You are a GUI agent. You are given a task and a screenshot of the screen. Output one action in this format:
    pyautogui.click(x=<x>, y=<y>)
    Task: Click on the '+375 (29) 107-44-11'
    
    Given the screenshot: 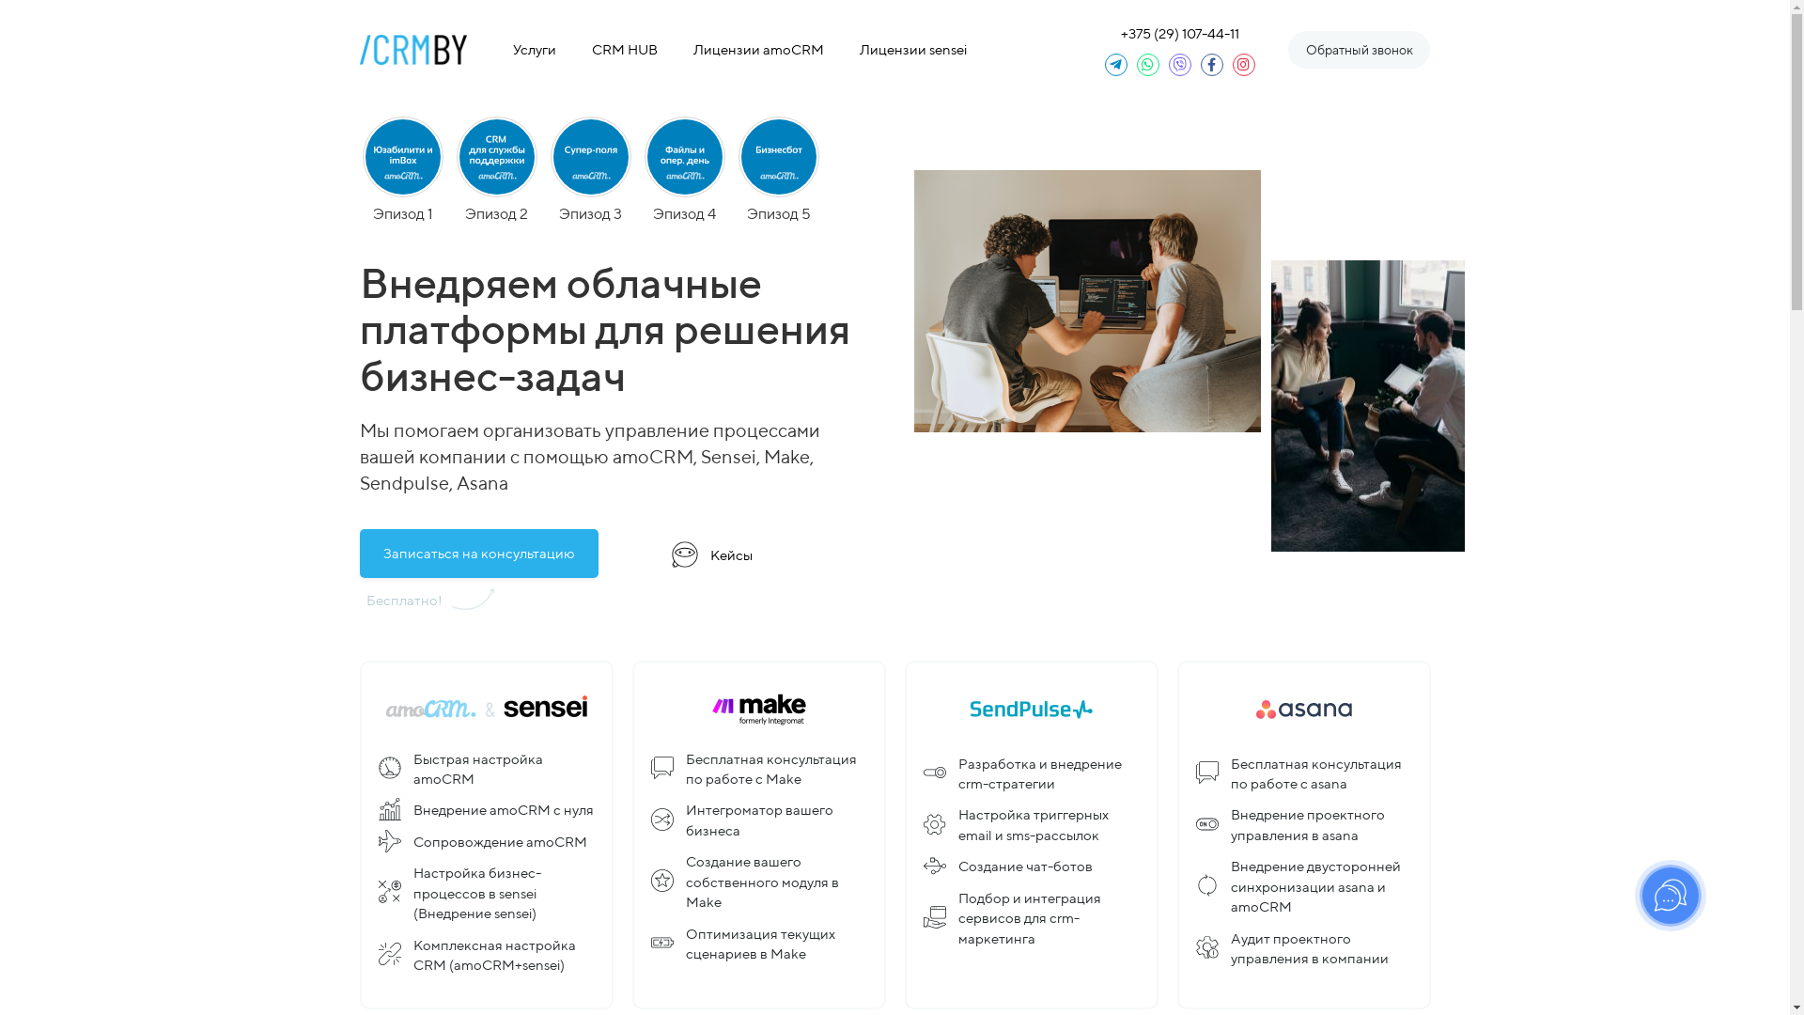 What is the action you would take?
    pyautogui.click(x=1179, y=33)
    